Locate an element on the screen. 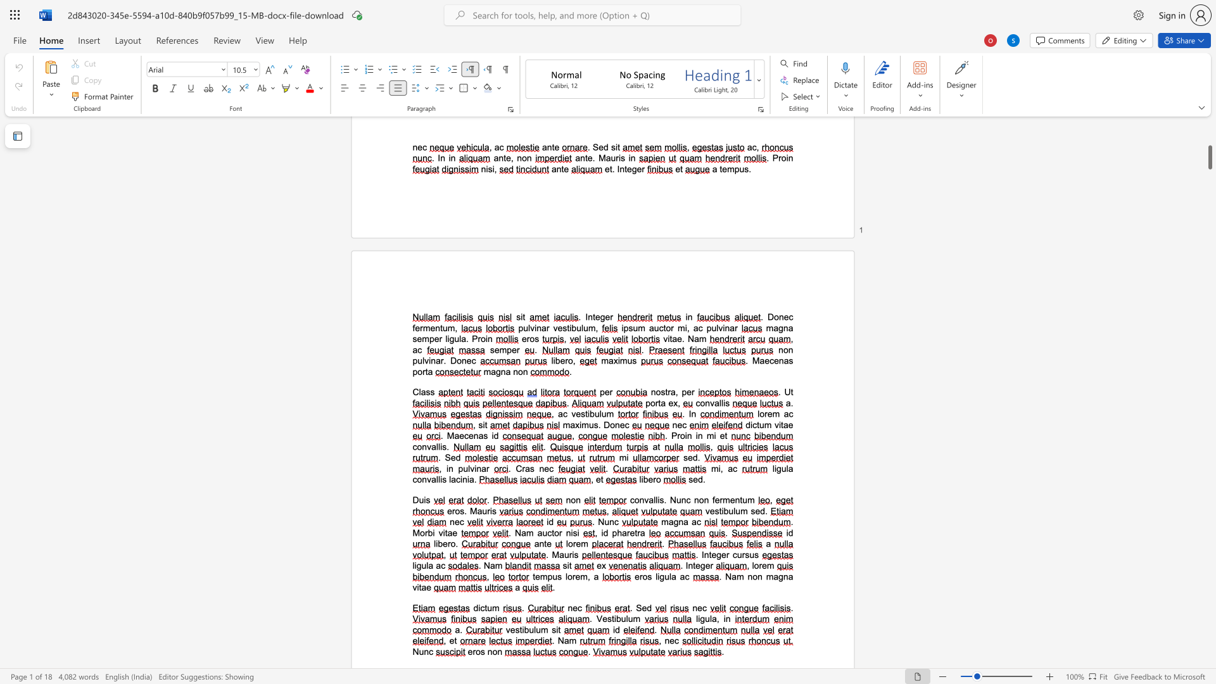 This screenshot has width=1216, height=684. the space between the continuous character "n" and "a" in the text is located at coordinates (481, 469).